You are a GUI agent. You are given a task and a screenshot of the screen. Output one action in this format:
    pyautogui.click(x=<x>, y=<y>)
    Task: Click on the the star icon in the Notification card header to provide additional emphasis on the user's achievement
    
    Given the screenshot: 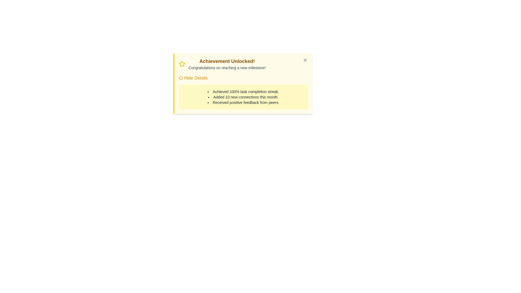 What is the action you would take?
    pyautogui.click(x=243, y=63)
    